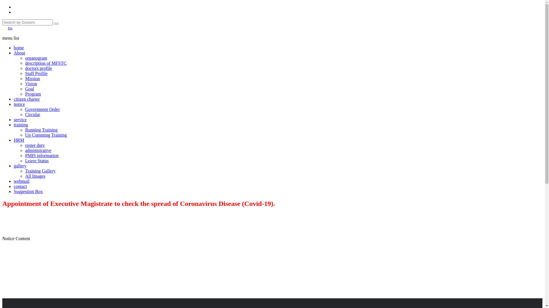  What do you see at coordinates (25, 130) in the screenshot?
I see `'Running Training'` at bounding box center [25, 130].